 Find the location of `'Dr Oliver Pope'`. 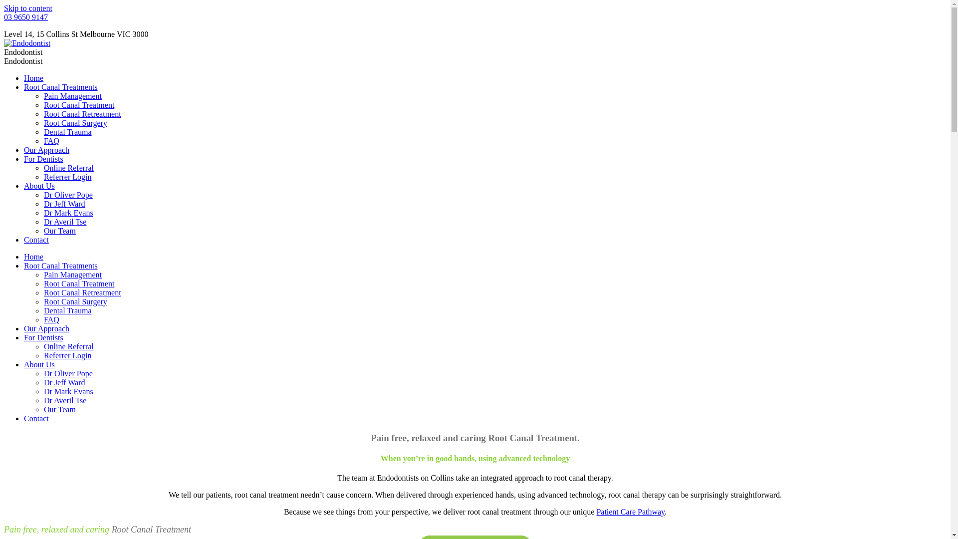

'Dr Oliver Pope' is located at coordinates (68, 195).